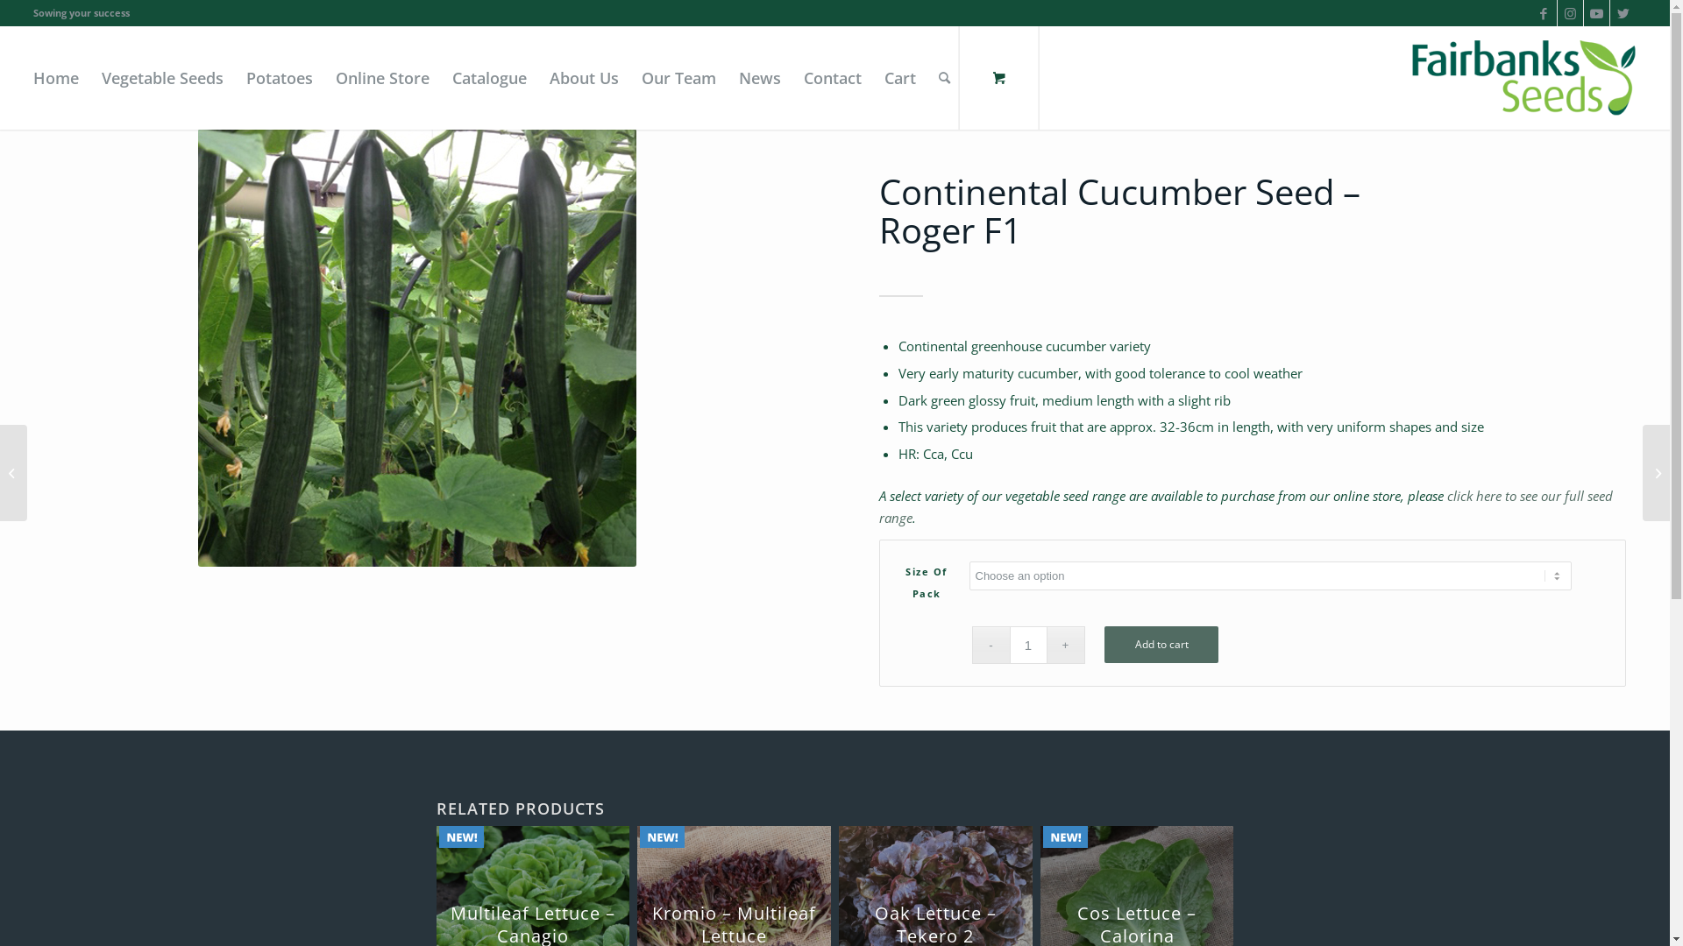  What do you see at coordinates (489, 76) in the screenshot?
I see `'Catalogue'` at bounding box center [489, 76].